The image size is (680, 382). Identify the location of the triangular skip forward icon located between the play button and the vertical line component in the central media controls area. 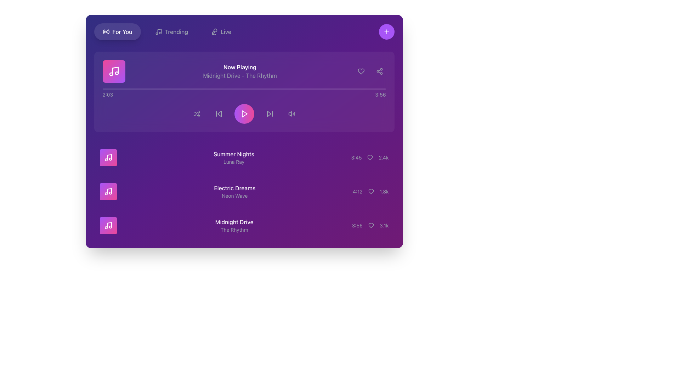
(268, 113).